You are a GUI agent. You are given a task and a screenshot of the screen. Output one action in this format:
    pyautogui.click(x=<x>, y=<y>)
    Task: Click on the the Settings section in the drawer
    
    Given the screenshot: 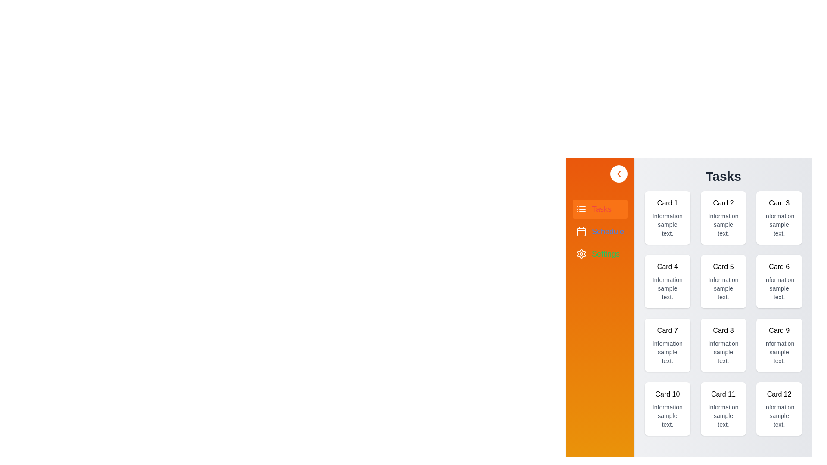 What is the action you would take?
    pyautogui.click(x=599, y=254)
    